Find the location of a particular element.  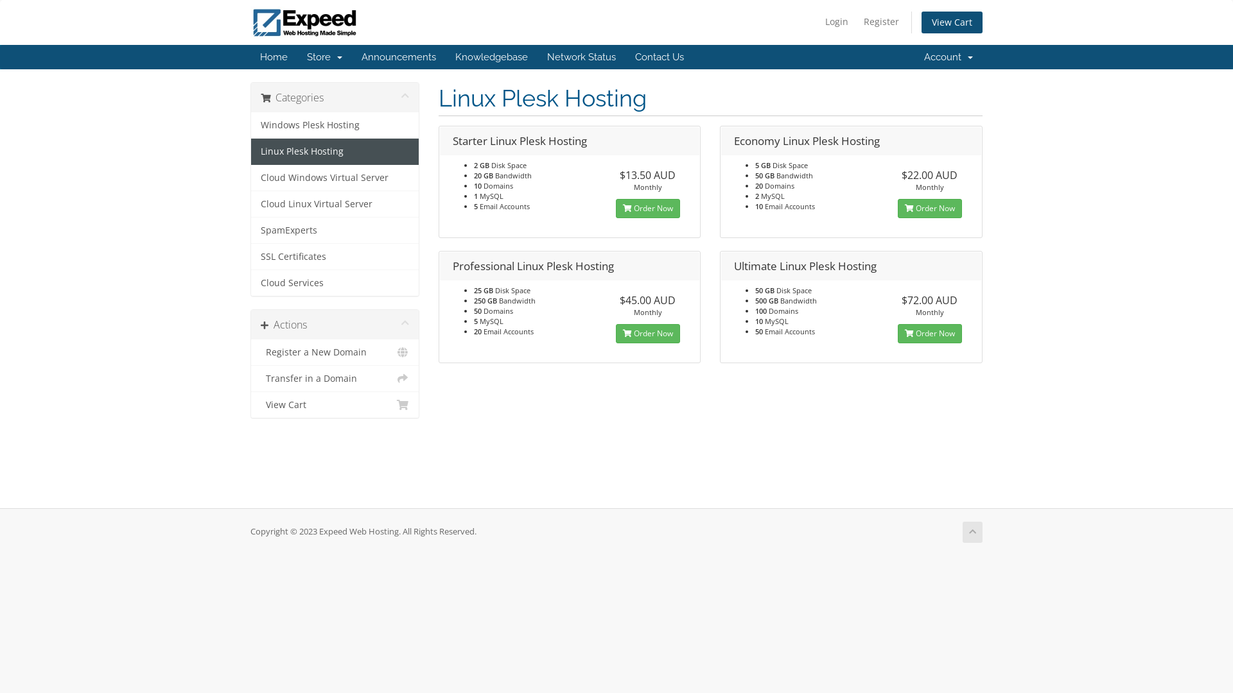

'Login' is located at coordinates (836, 22).